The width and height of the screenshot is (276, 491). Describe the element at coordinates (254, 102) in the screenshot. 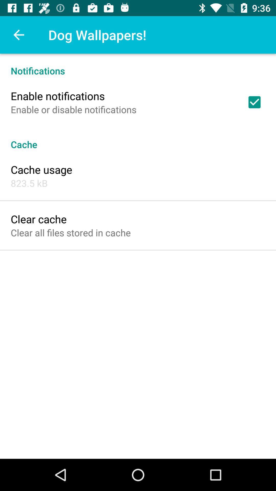

I see `icon to the right of enable or disable icon` at that location.